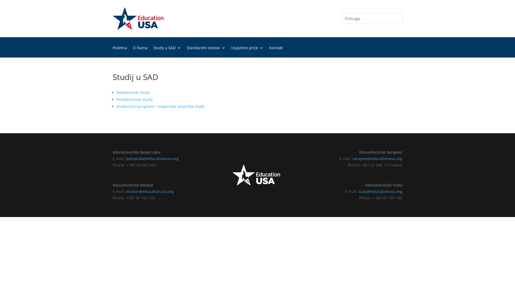 The height and width of the screenshot is (289, 515). I want to click on 'banjaluka@educationusa.org', so click(152, 158).